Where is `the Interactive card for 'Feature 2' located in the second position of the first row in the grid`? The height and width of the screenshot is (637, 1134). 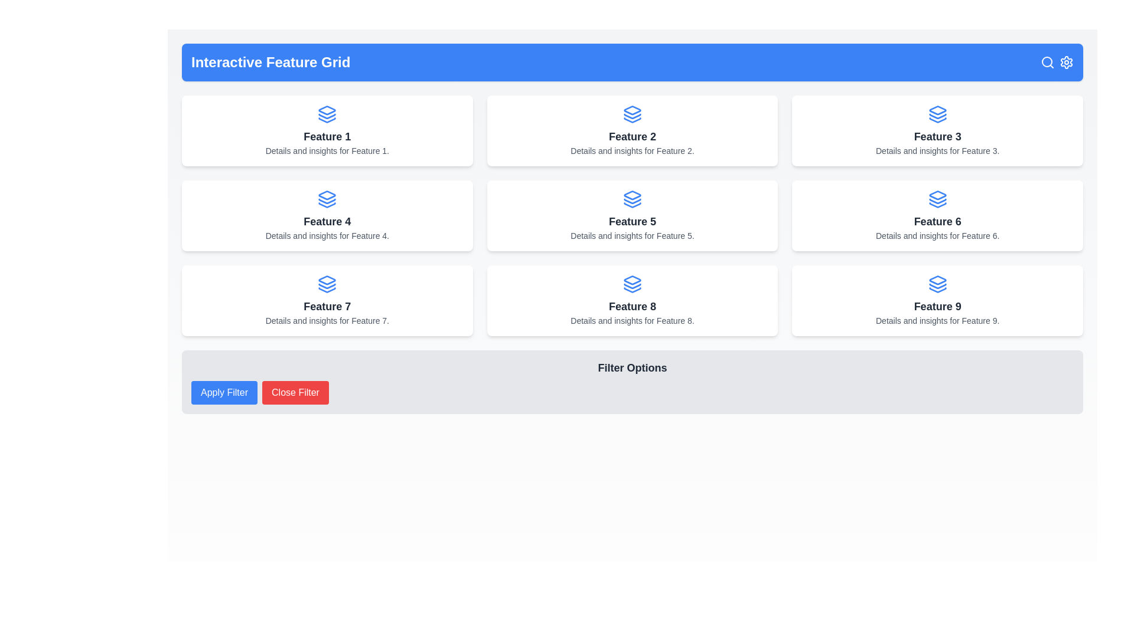 the Interactive card for 'Feature 2' located in the second position of the first row in the grid is located at coordinates (631, 131).